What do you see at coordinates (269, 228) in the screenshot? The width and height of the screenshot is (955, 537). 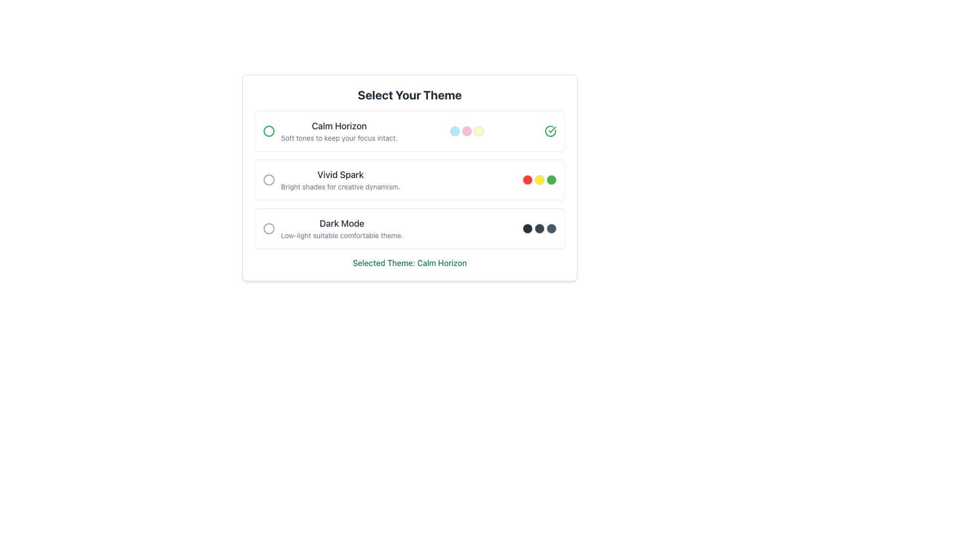 I see `the Circle icon for 'Dark Mode'` at bounding box center [269, 228].